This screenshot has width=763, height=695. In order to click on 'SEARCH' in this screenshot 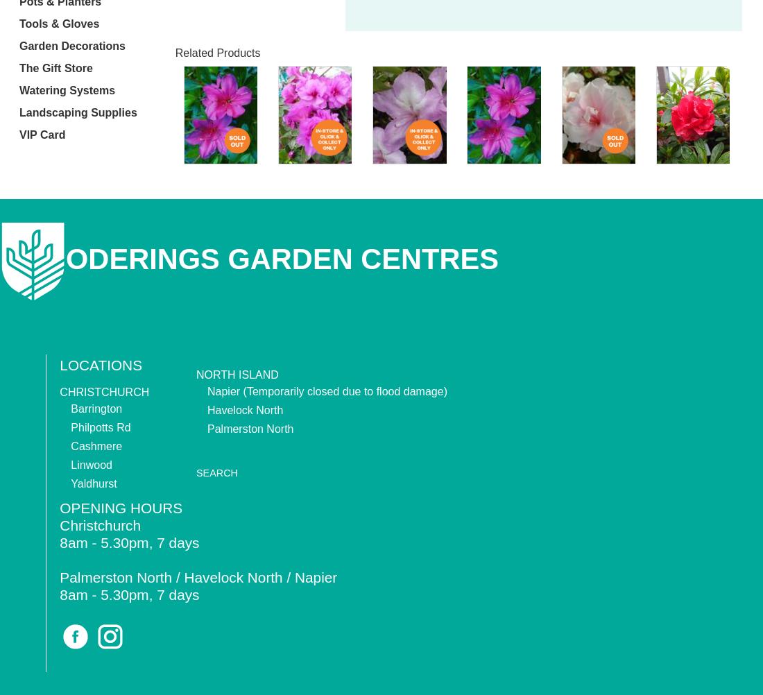, I will do `click(216, 472)`.